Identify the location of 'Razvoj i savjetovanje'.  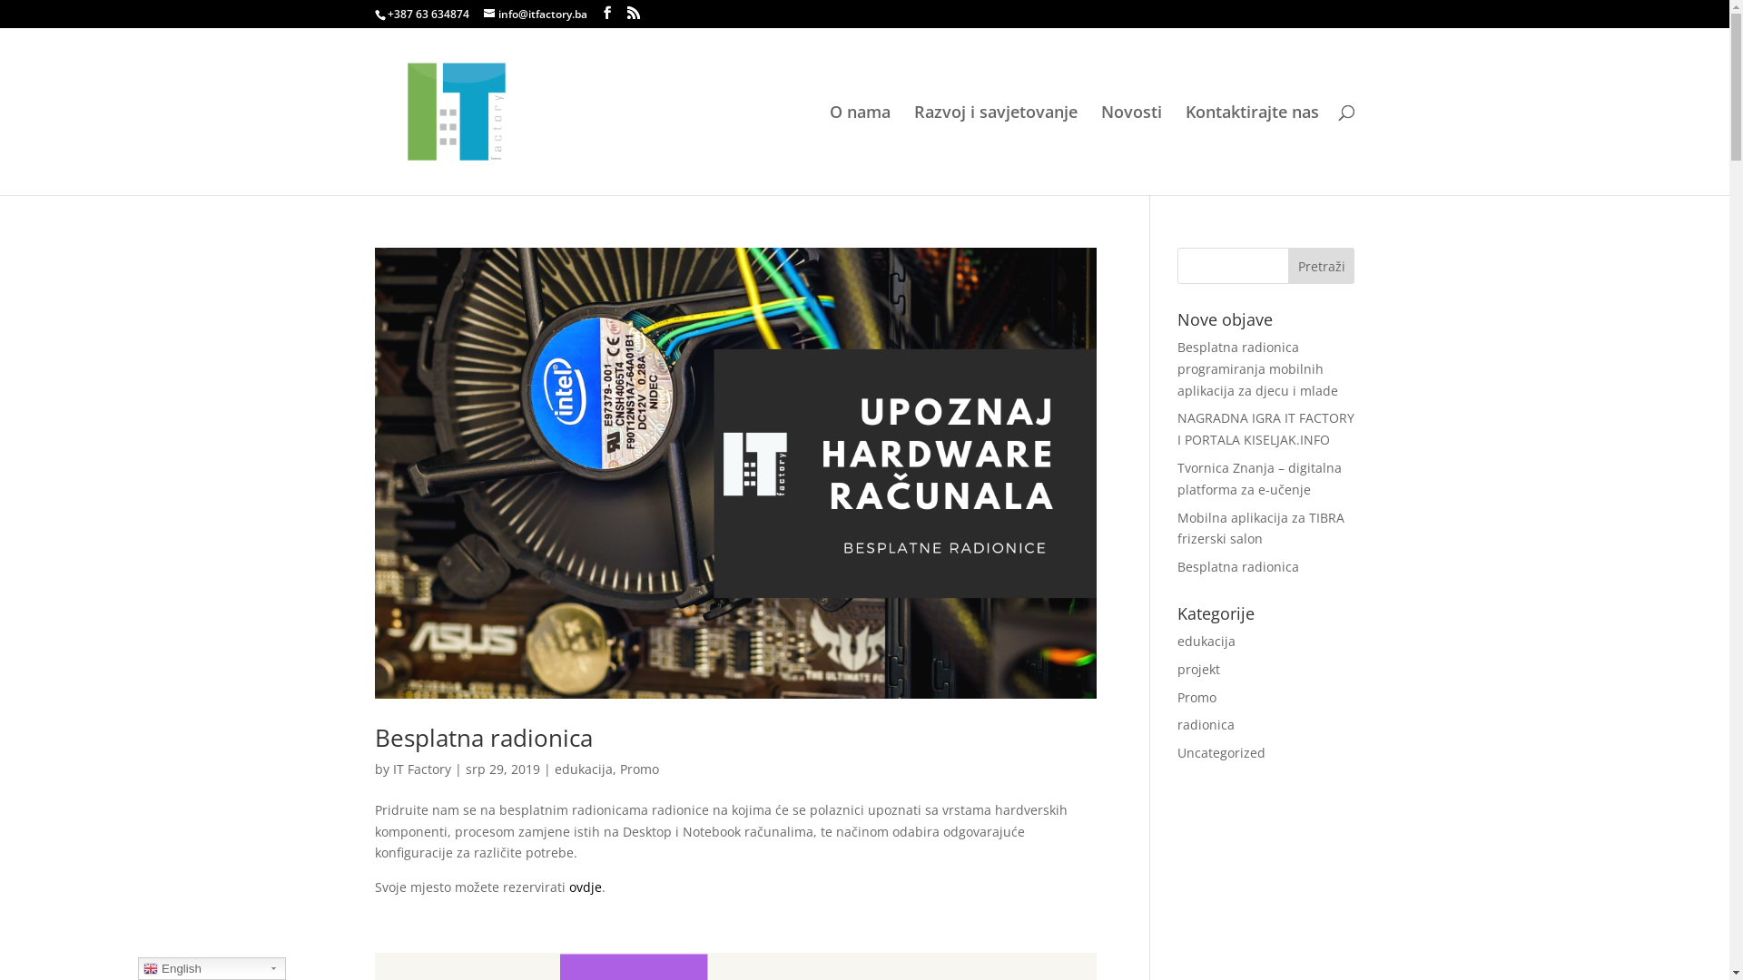
(993, 149).